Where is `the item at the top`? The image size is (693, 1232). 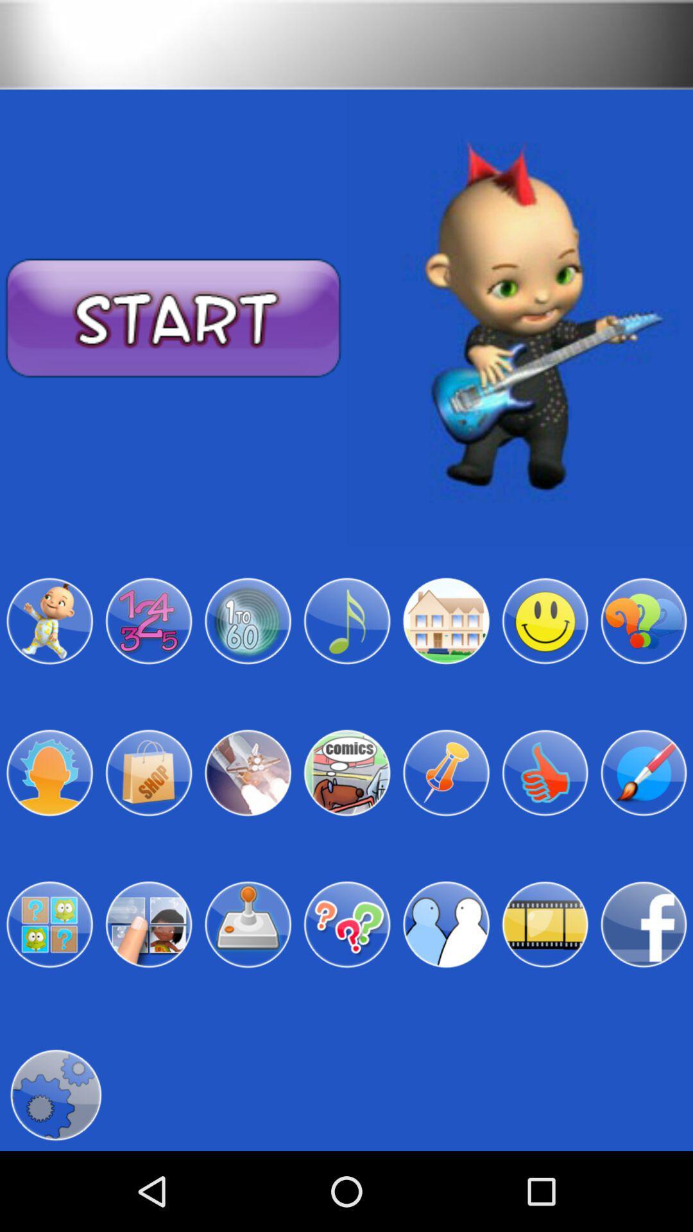 the item at the top is located at coordinates (346, 45).